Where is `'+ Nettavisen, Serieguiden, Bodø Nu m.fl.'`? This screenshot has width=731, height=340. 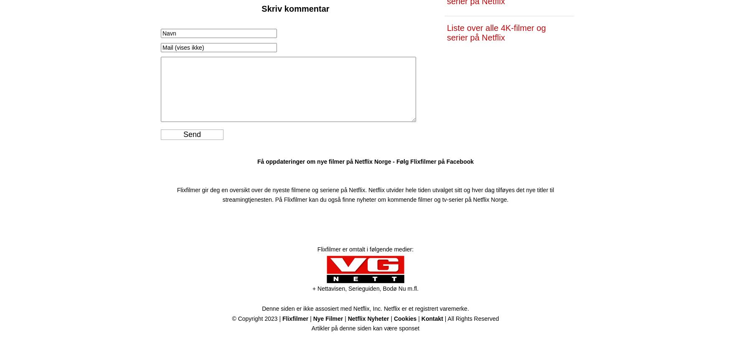 '+ Nettavisen, Serieguiden, Bodø Nu m.fl.' is located at coordinates (365, 289).